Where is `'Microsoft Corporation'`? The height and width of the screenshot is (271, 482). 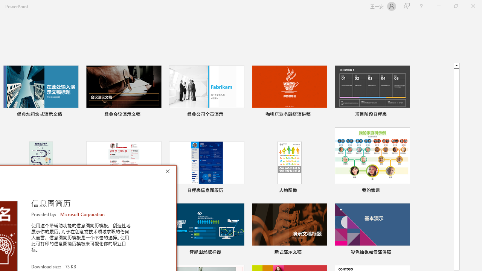
'Microsoft Corporation' is located at coordinates (83, 214).